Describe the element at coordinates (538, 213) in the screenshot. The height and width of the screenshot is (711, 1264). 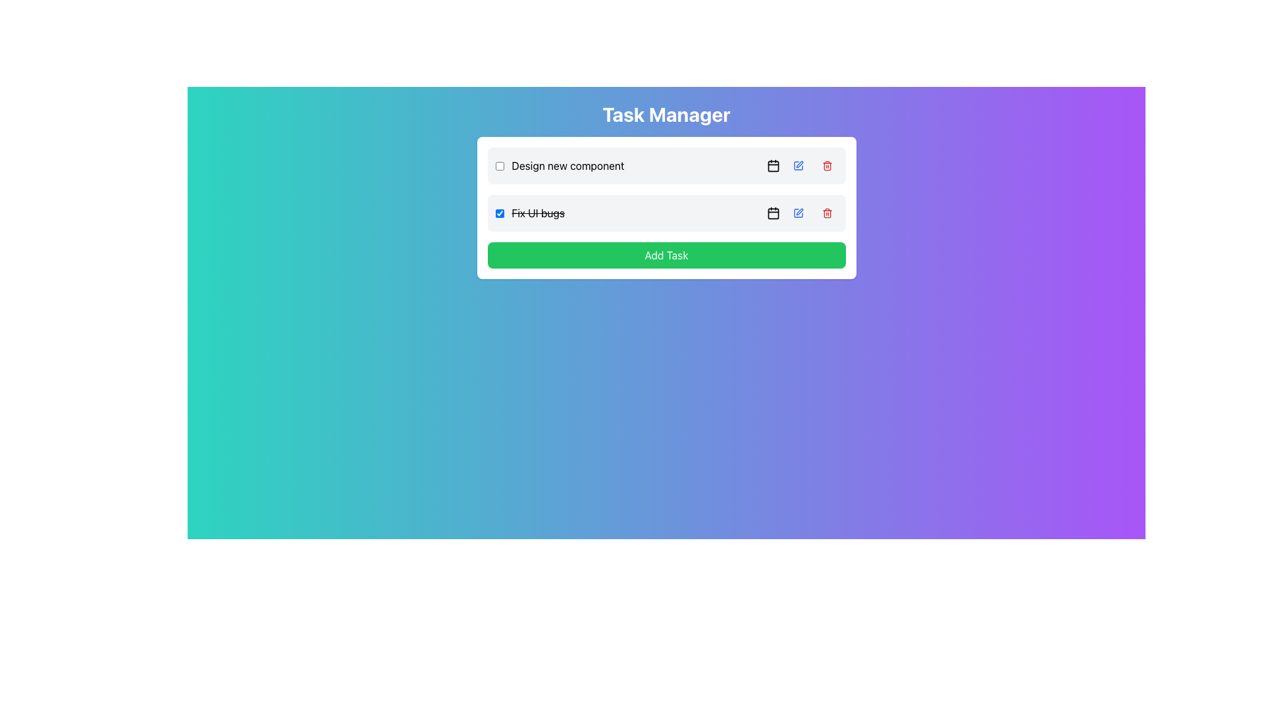
I see `the text string displaying 'Fix UI bugs' with a strikethrough style, which indicates completion, located in the second row of a task list interface, positioned to the right of a checked checkbox` at that location.